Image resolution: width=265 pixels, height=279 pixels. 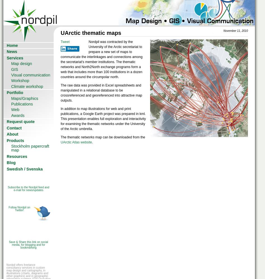 What do you see at coordinates (11, 162) in the screenshot?
I see `'Blog'` at bounding box center [11, 162].